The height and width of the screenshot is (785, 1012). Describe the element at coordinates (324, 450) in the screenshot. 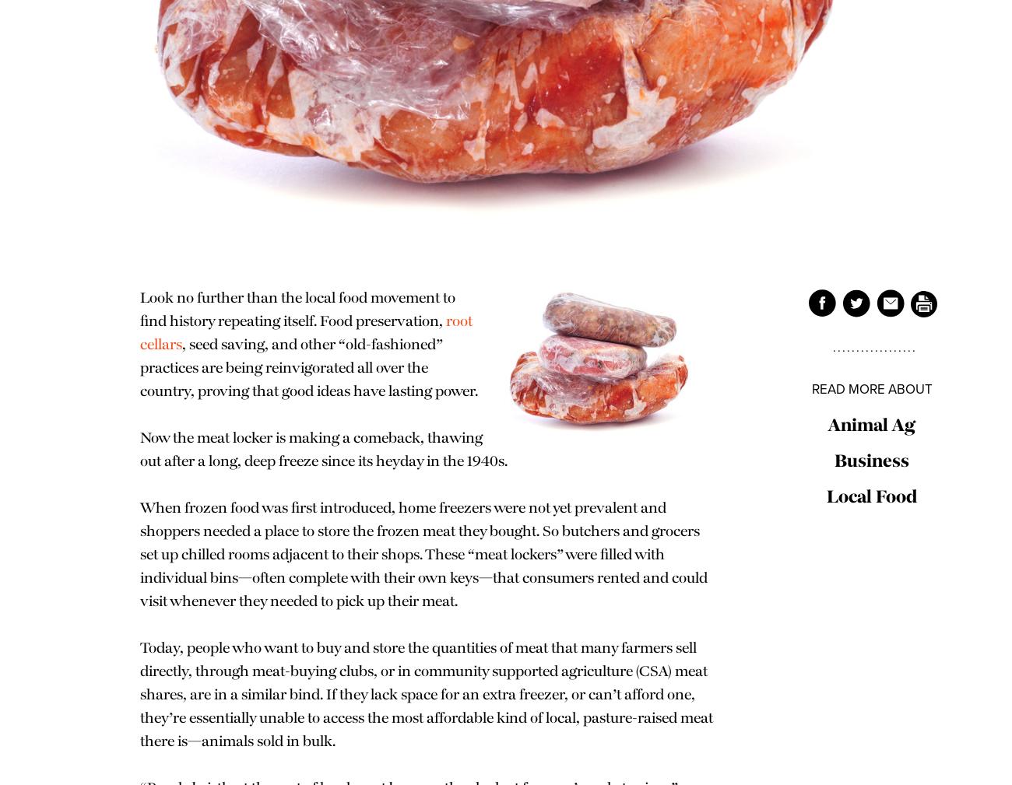

I see `'Now the meat locker is making a comeback, thawing out after a long, deep freeze since its heyday in the 1940s.'` at that location.